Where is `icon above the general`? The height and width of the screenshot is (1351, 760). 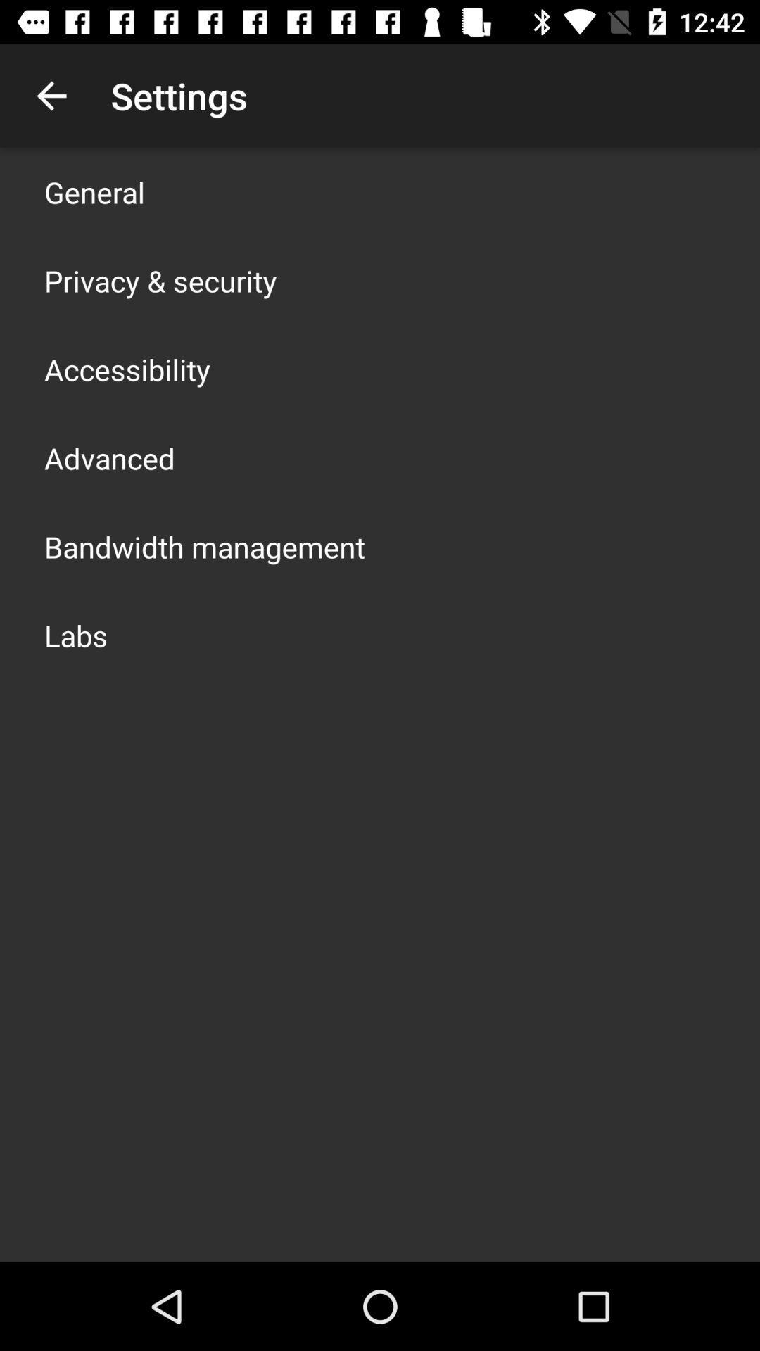 icon above the general is located at coordinates (51, 95).